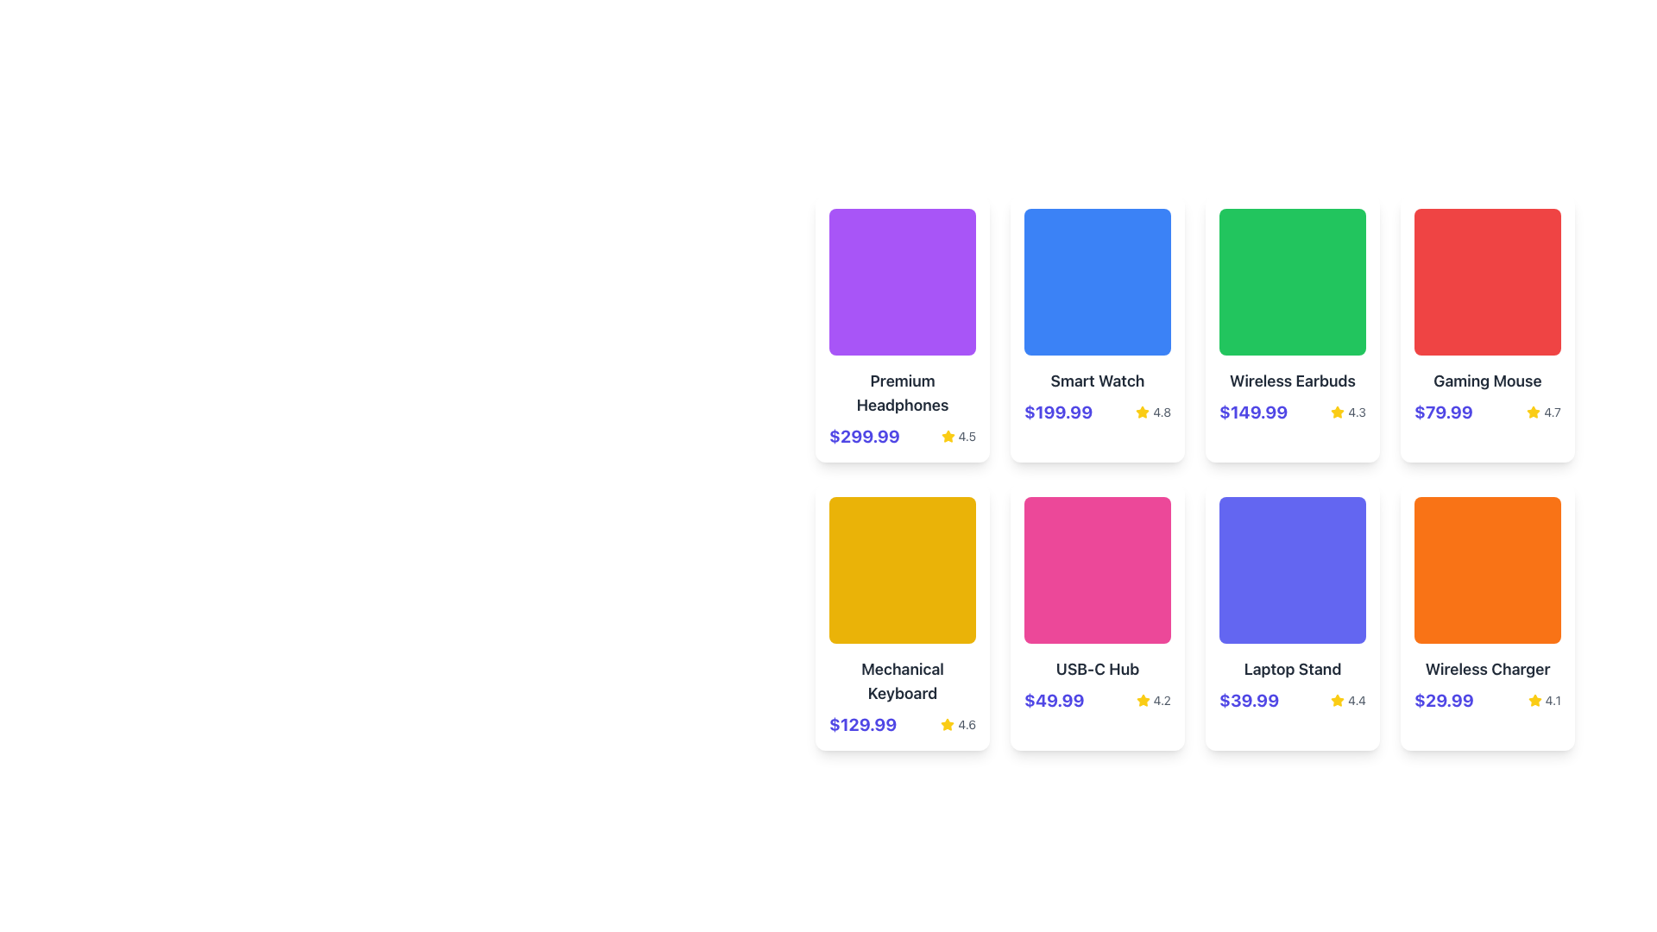 The width and height of the screenshot is (1657, 932). Describe the element at coordinates (1356, 701) in the screenshot. I see `numeric rating value from the text label located to the right of the star icon in the rating display section of the 'Laptop Stand' product card, positioned in the second row, third column of the product grid` at that location.